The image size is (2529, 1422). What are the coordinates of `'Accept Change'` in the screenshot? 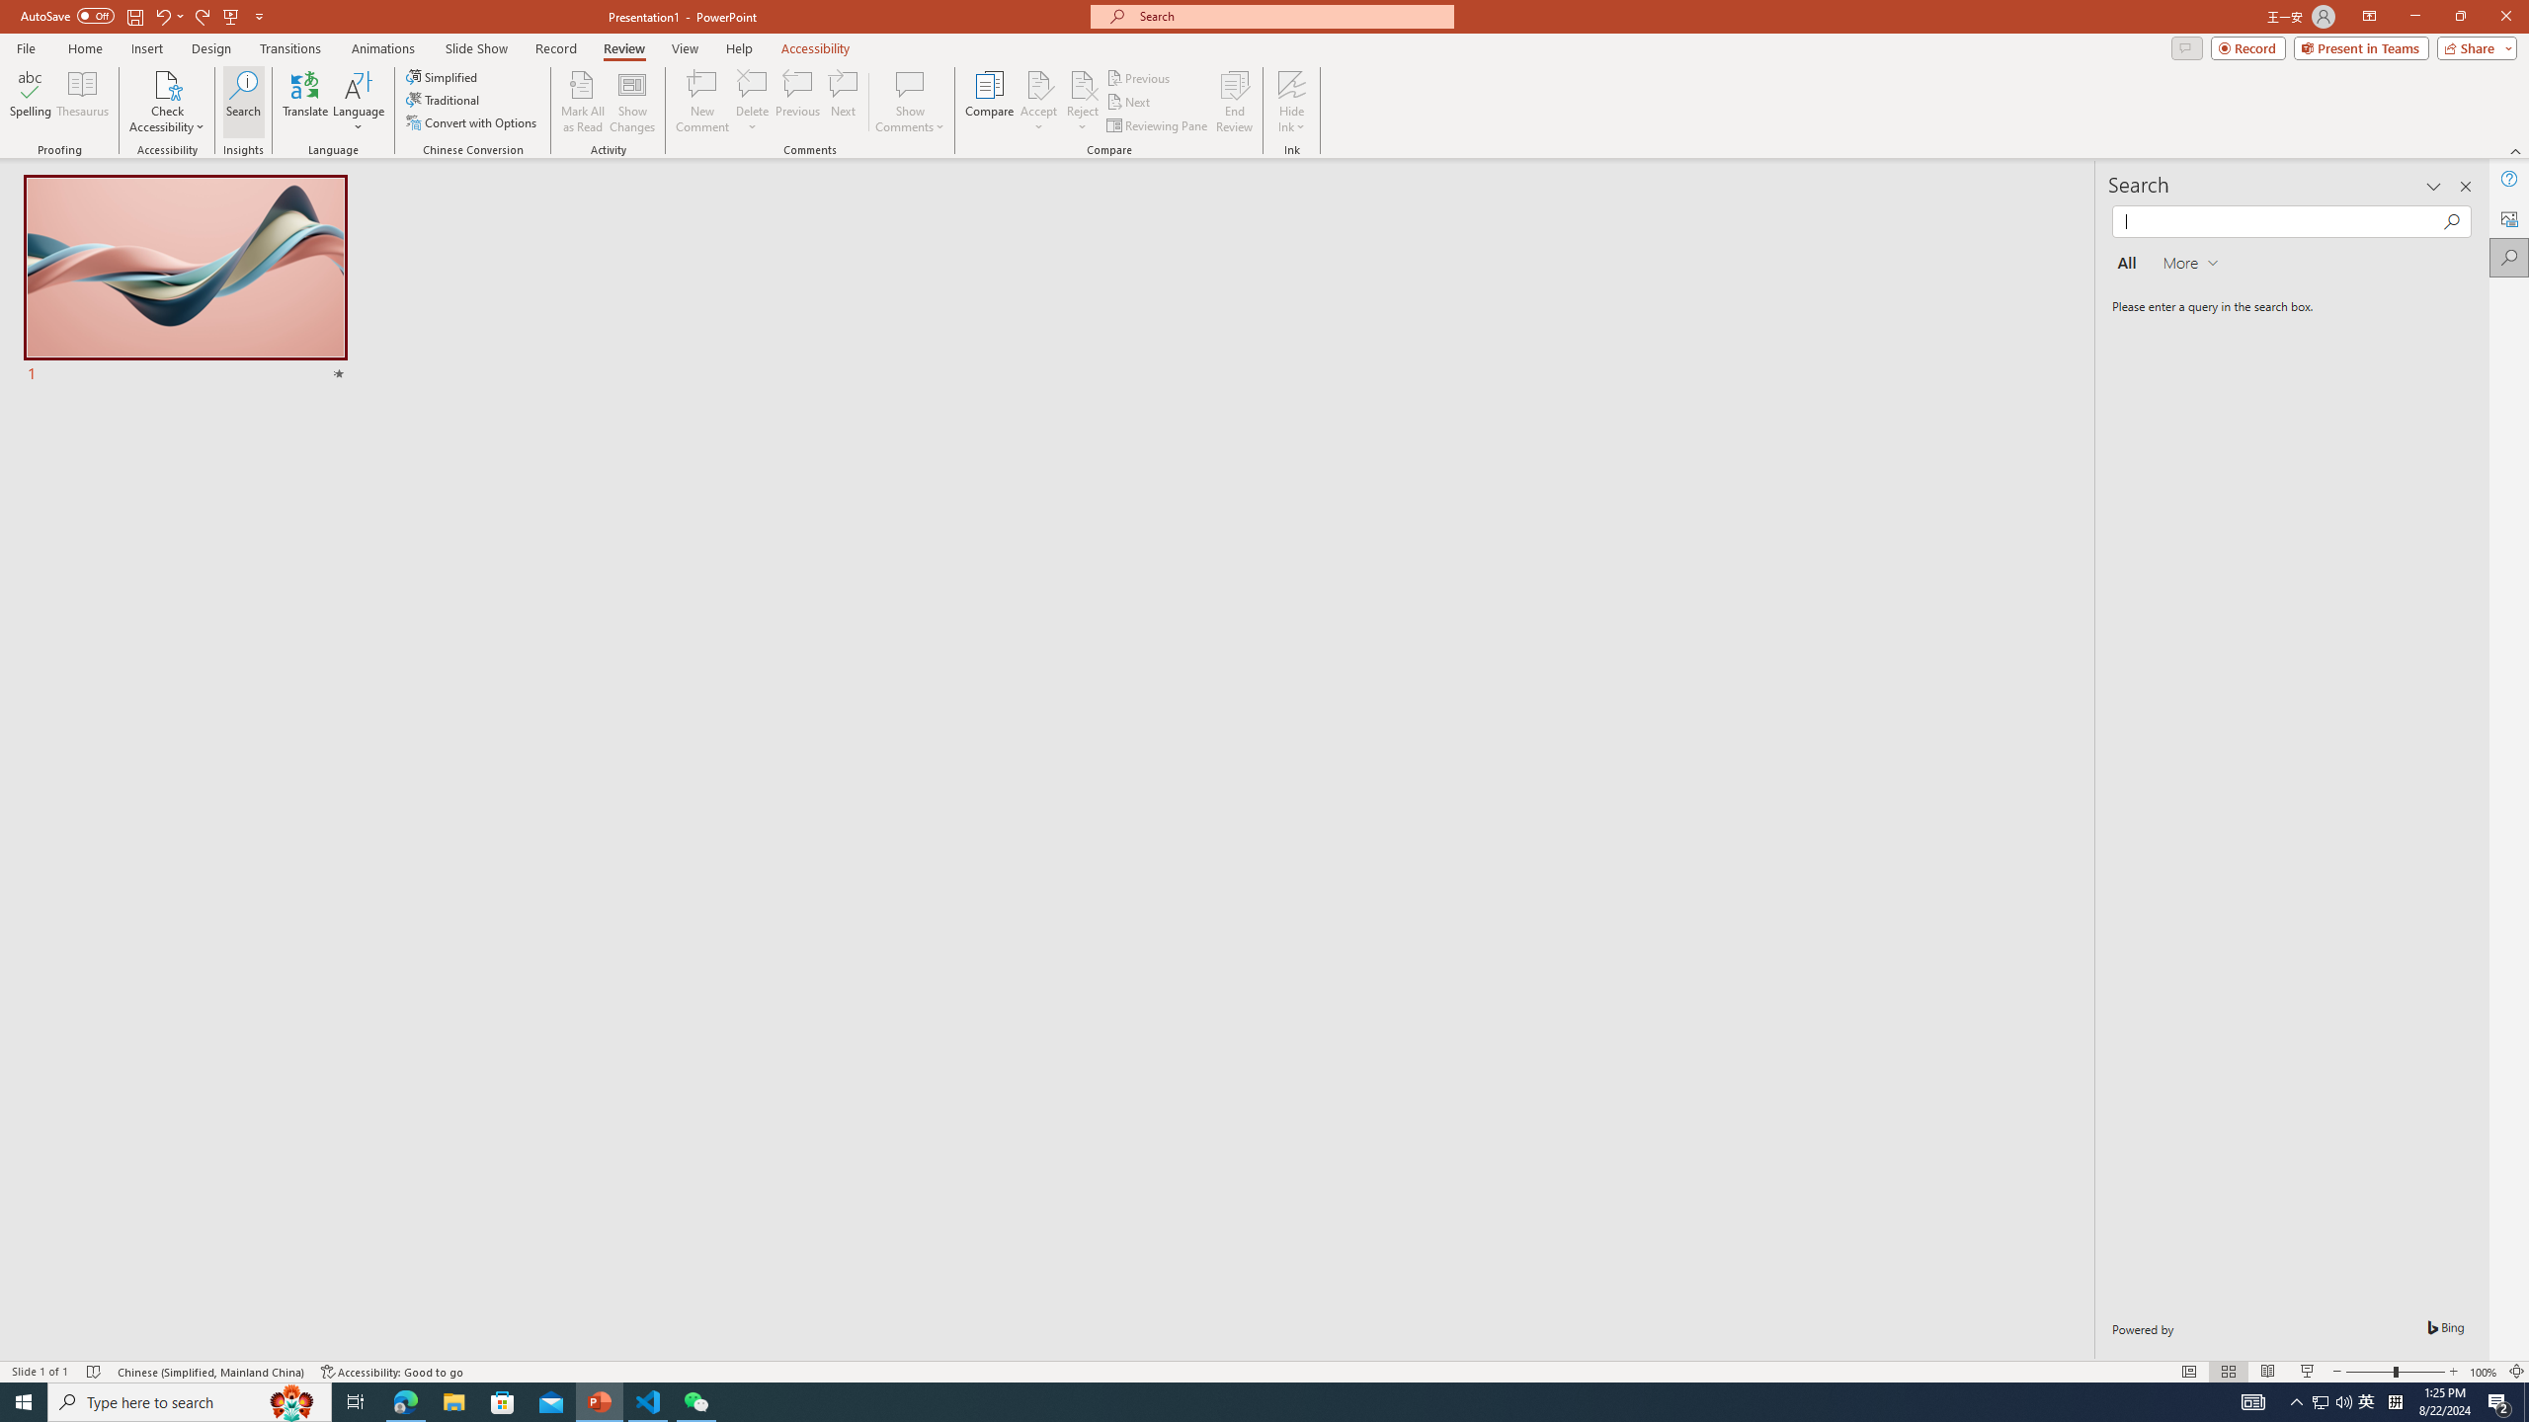 It's located at (1038, 83).